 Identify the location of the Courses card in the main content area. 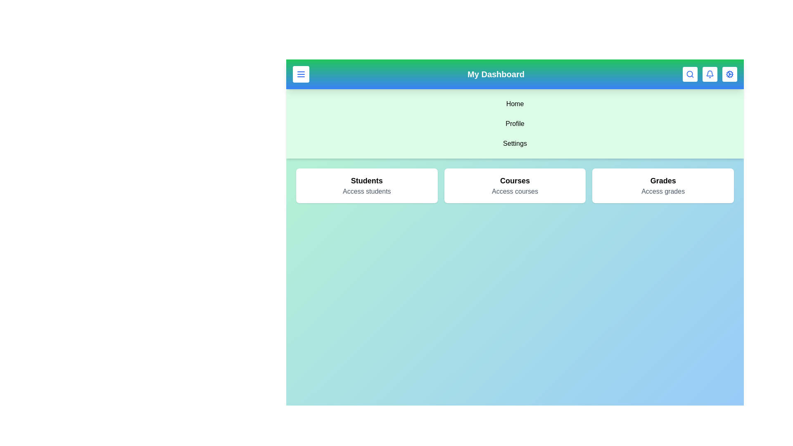
(515, 186).